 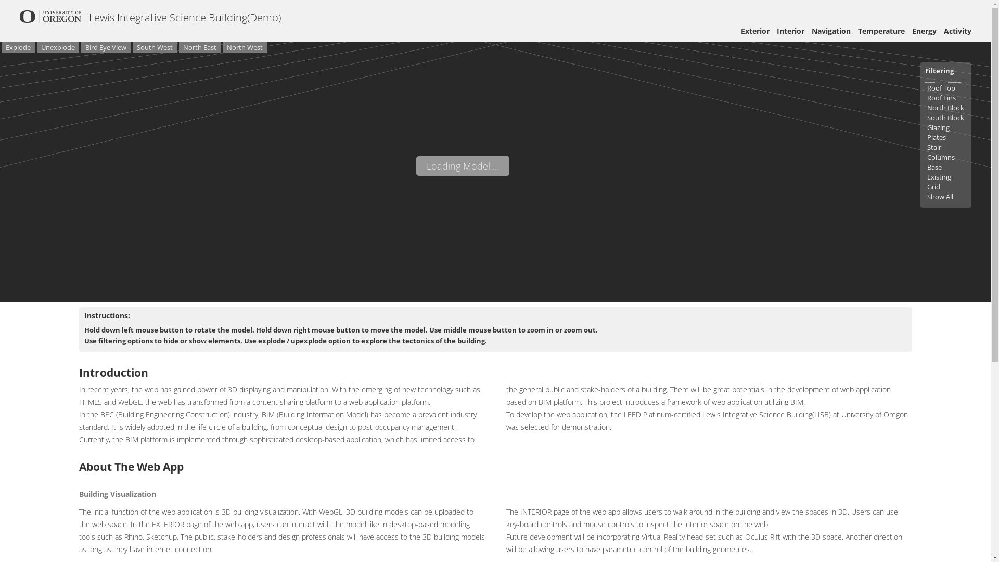 What do you see at coordinates (106, 47) in the screenshot?
I see `'Bird Eye View'` at bounding box center [106, 47].